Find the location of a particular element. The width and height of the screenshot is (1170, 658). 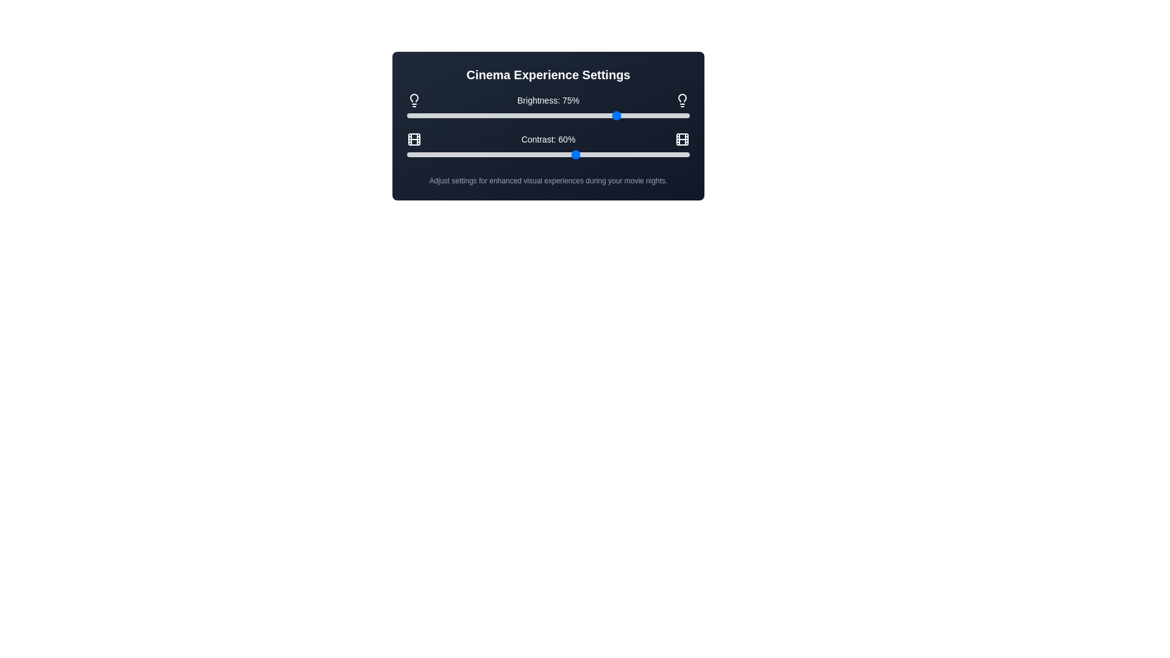

the film icon near the contrast slider is located at coordinates (414, 138).